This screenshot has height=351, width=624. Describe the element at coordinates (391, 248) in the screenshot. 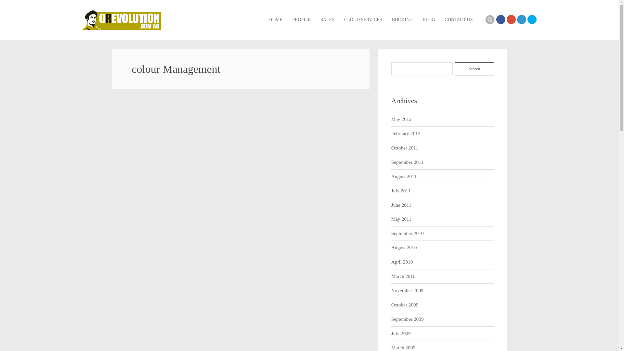

I see `'August 2010'` at that location.